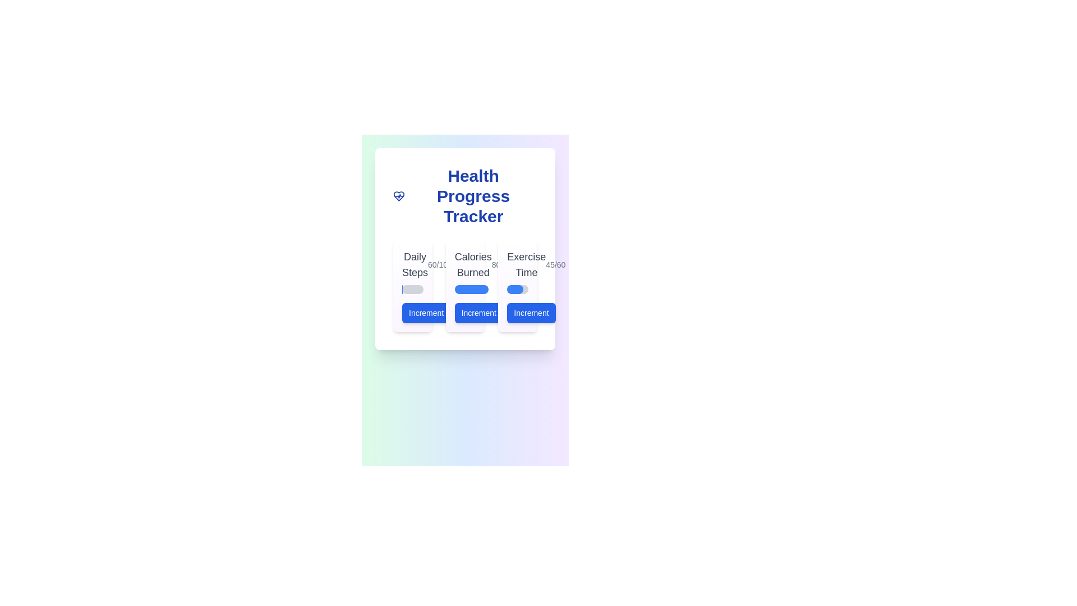  What do you see at coordinates (514, 289) in the screenshot?
I see `the blue filled progress bar with rounded edges located in the 'Exercise Time' section of the third column of grouped statistics` at bounding box center [514, 289].